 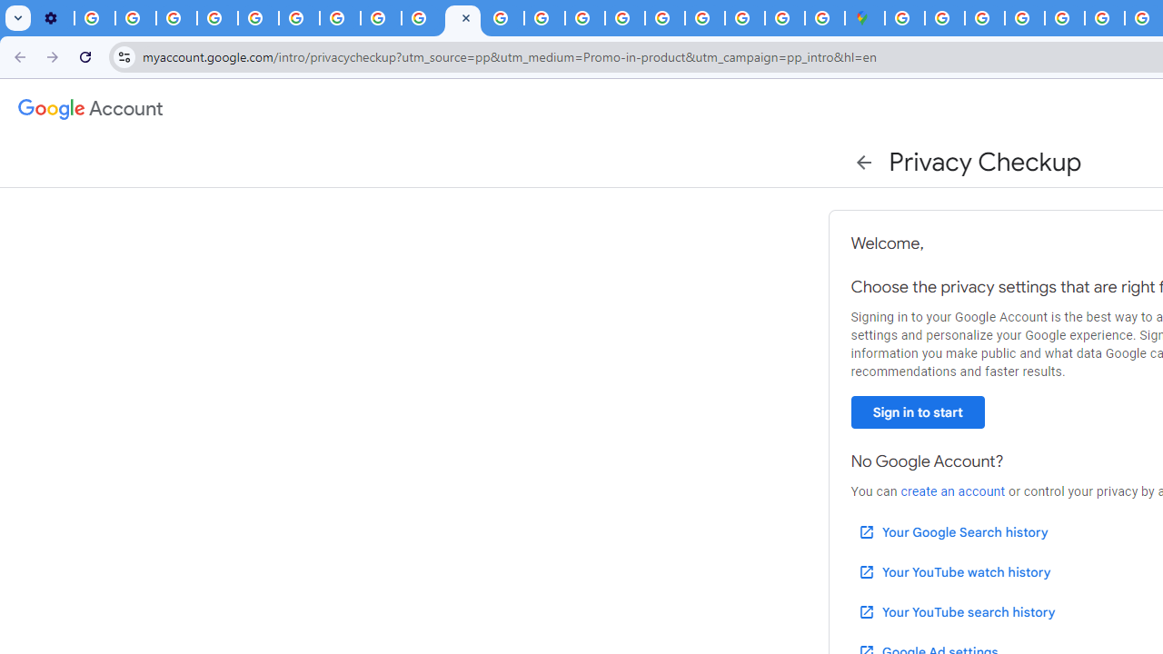 What do you see at coordinates (917, 412) in the screenshot?
I see `'Sign in to start'` at bounding box center [917, 412].